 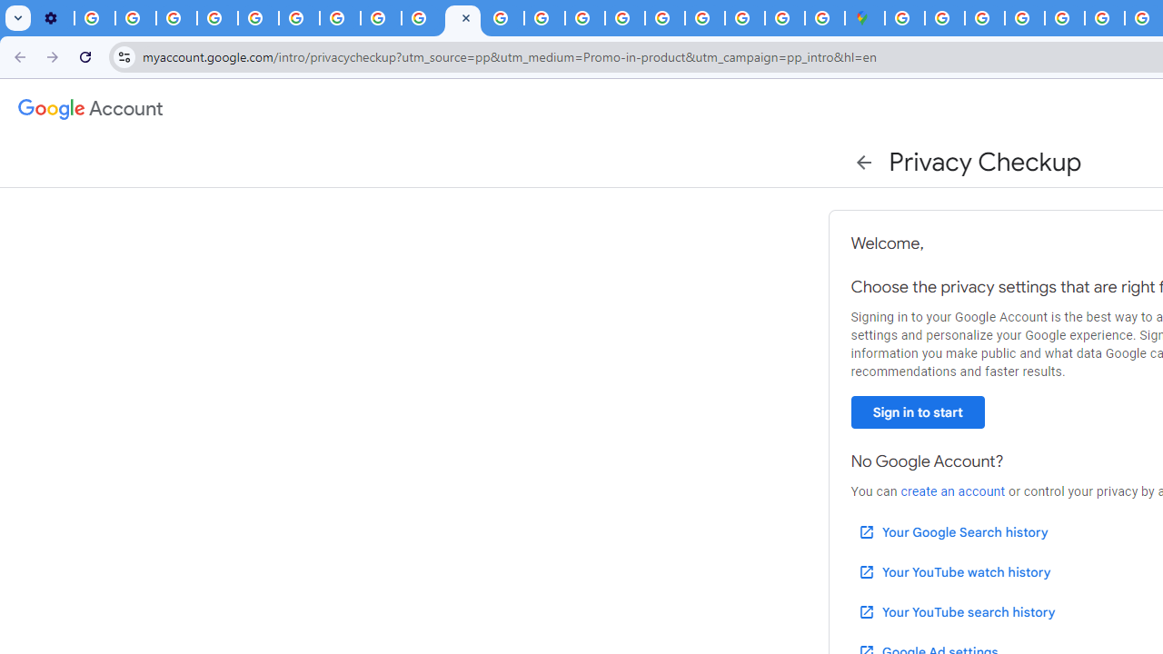 What do you see at coordinates (917, 412) in the screenshot?
I see `'Sign in to start'` at bounding box center [917, 412].